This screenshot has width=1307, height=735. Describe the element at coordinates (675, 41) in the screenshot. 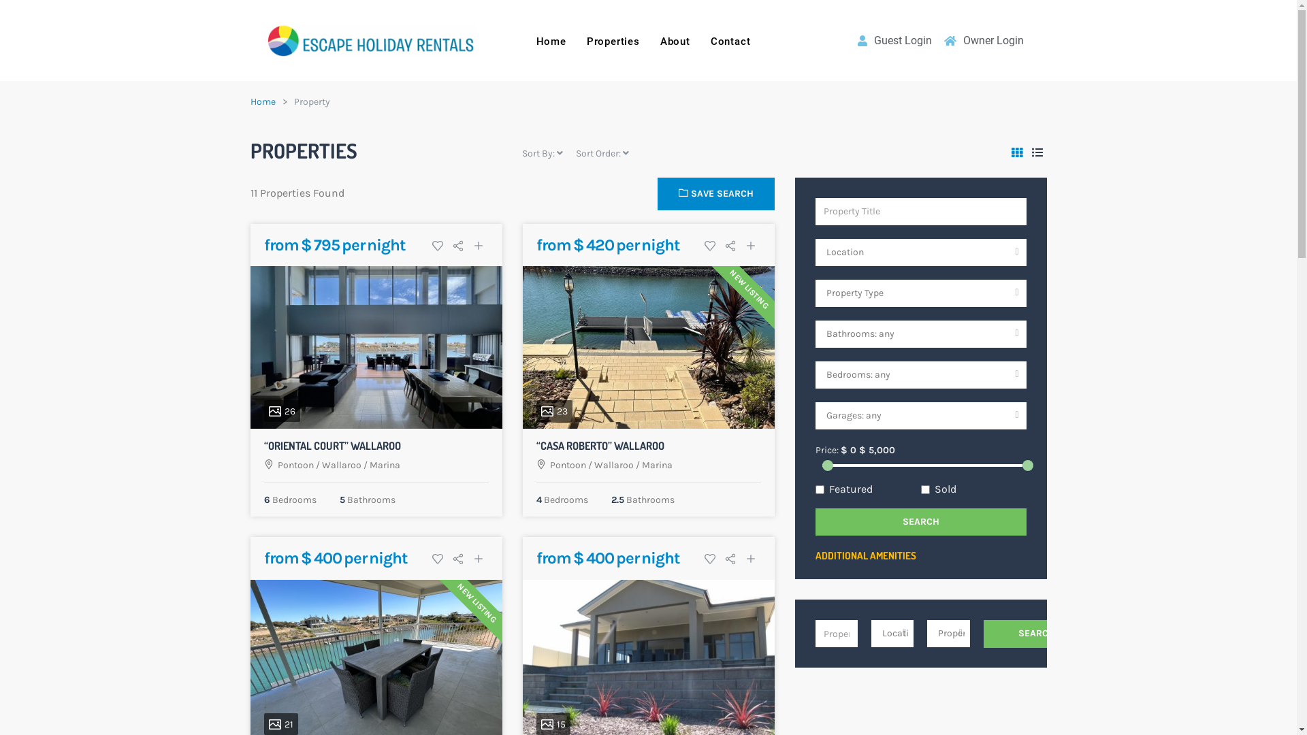

I see `'About'` at that location.